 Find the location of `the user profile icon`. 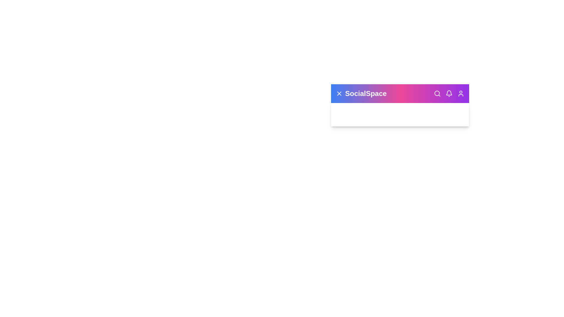

the user profile icon is located at coordinates (461, 93).